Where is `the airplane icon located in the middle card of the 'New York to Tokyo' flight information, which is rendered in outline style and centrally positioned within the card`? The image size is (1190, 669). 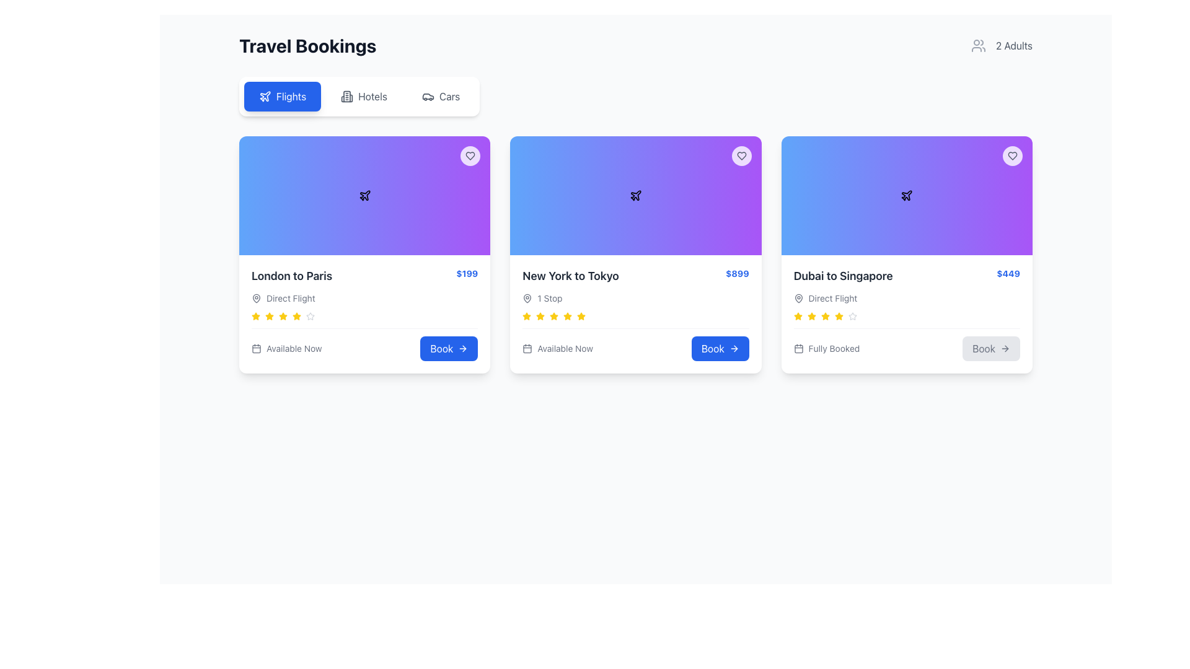
the airplane icon located in the middle card of the 'New York to Tokyo' flight information, which is rendered in outline style and centrally positioned within the card is located at coordinates (636, 195).